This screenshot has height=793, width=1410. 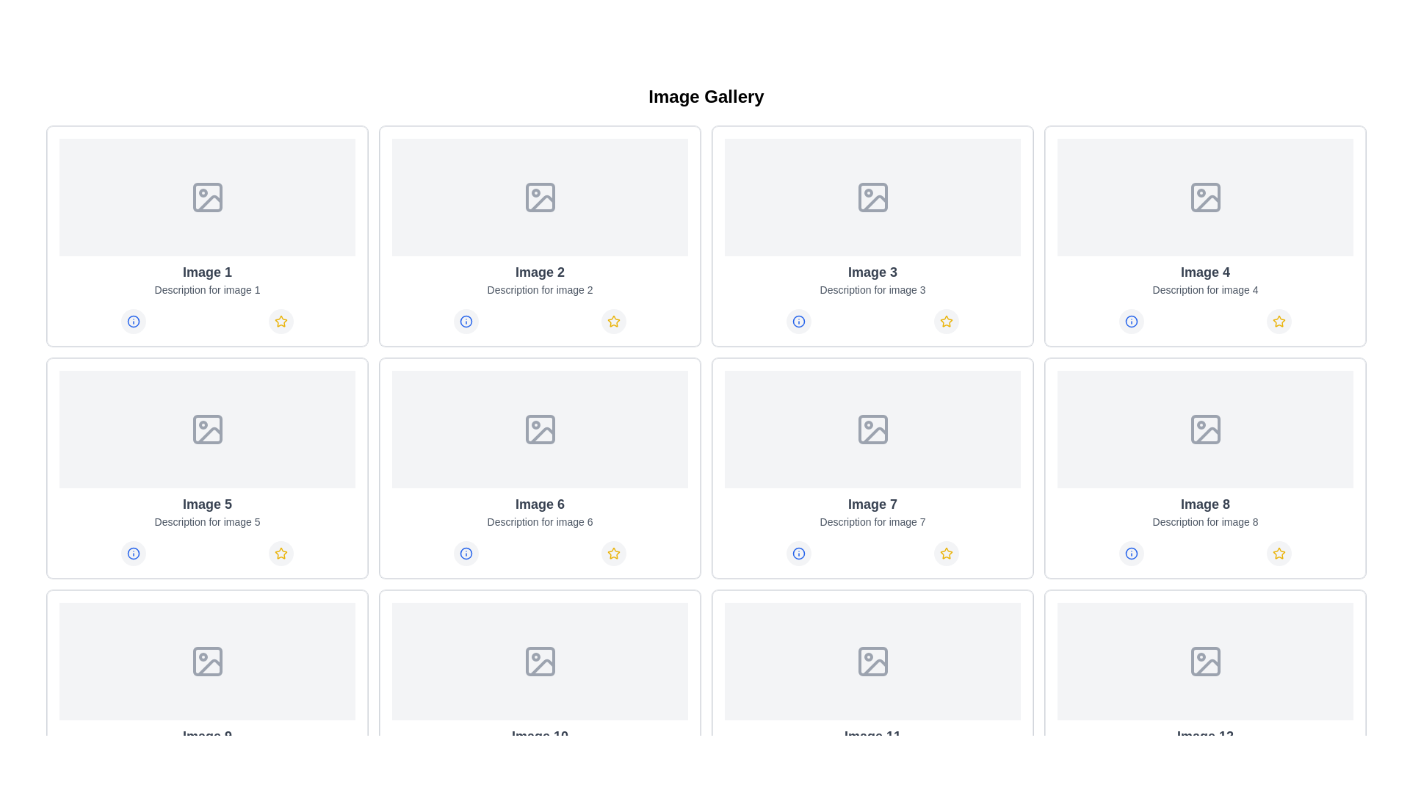 I want to click on the graphical icon component located in the sixth image placeholder of the image gallery, so click(x=539, y=430).